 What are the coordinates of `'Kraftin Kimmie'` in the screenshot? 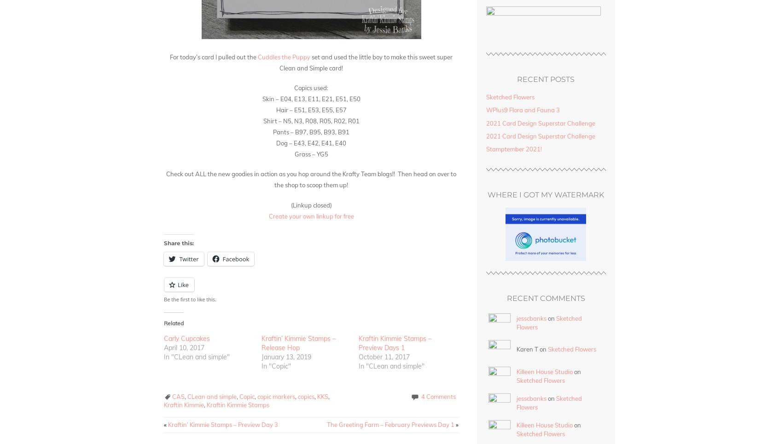 It's located at (163, 404).